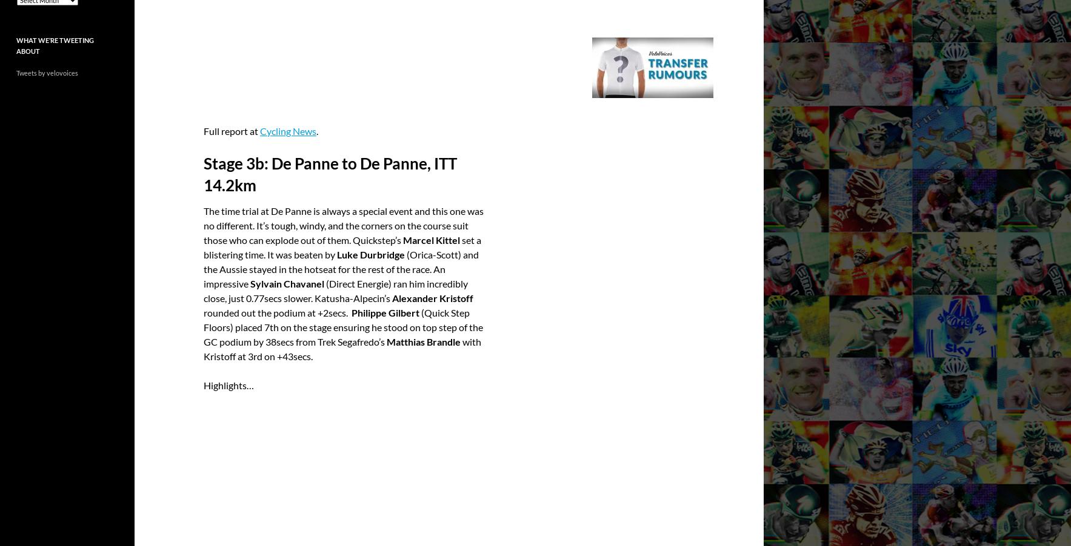 This screenshot has height=546, width=1071. Describe the element at coordinates (343, 326) in the screenshot. I see `'(Quick Step Floors) placed 7th on the stage ensuring he stood on top step of the GC podium by 38secs from Trek Segafredo’s'` at that location.